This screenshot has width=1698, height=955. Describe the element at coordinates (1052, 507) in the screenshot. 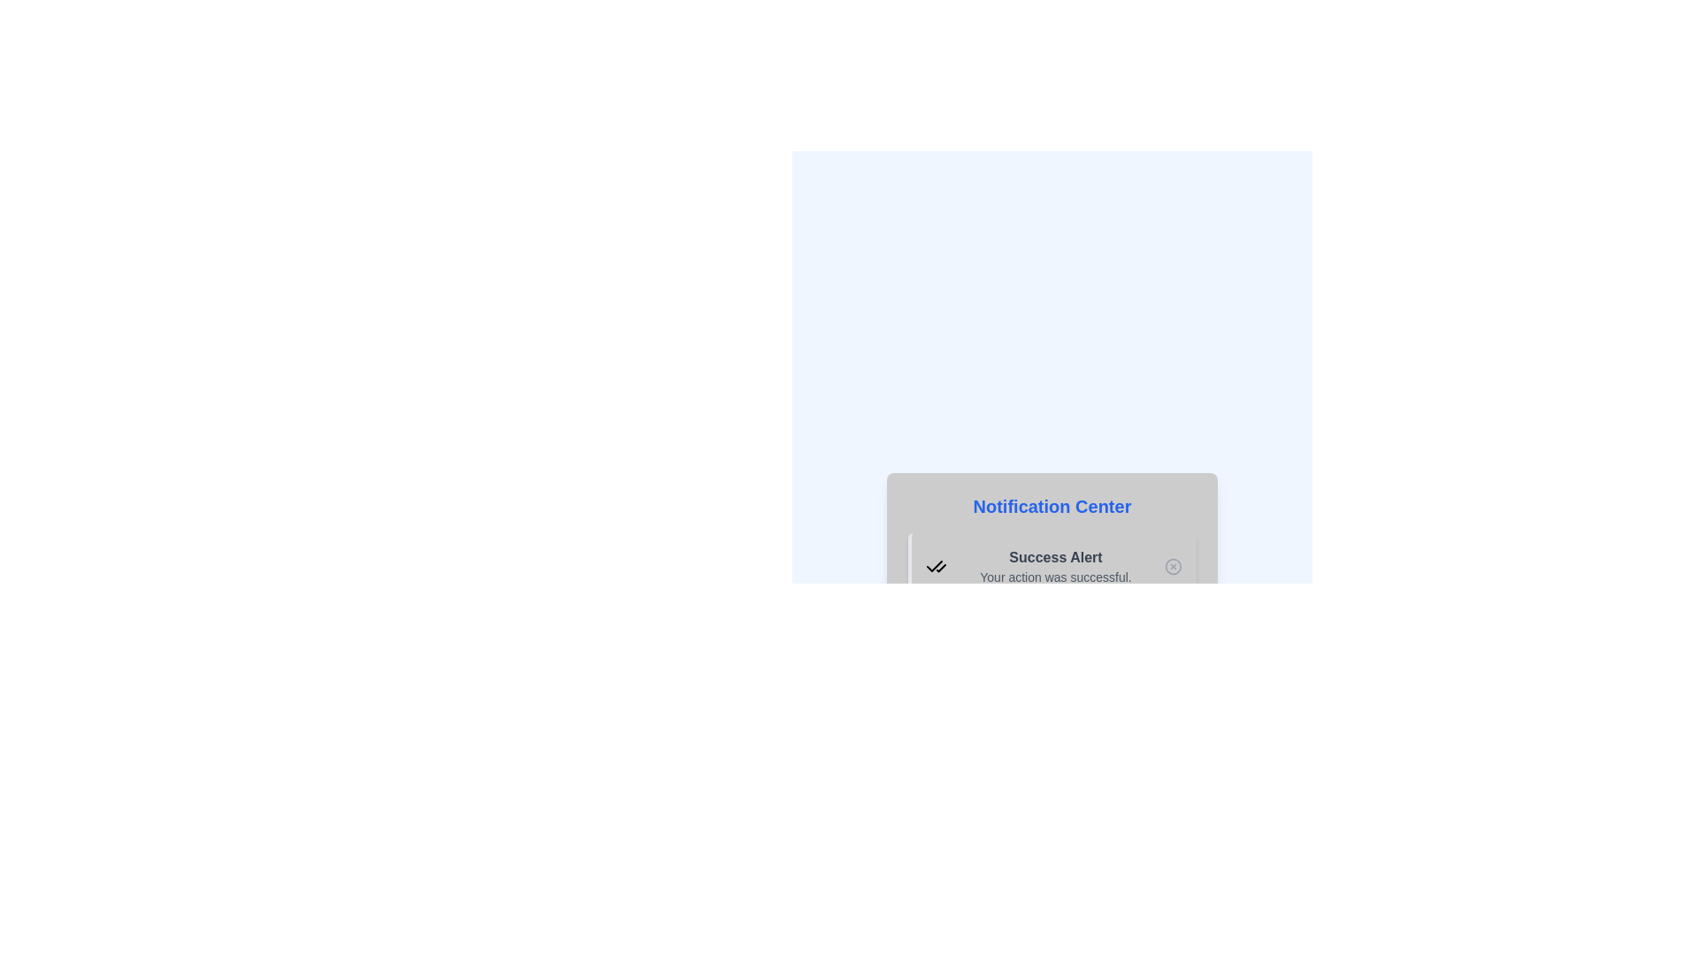

I see `the Text Label that displays the title of the notification panel, located at the top section above other elements like 'Success Alert' messages` at that location.